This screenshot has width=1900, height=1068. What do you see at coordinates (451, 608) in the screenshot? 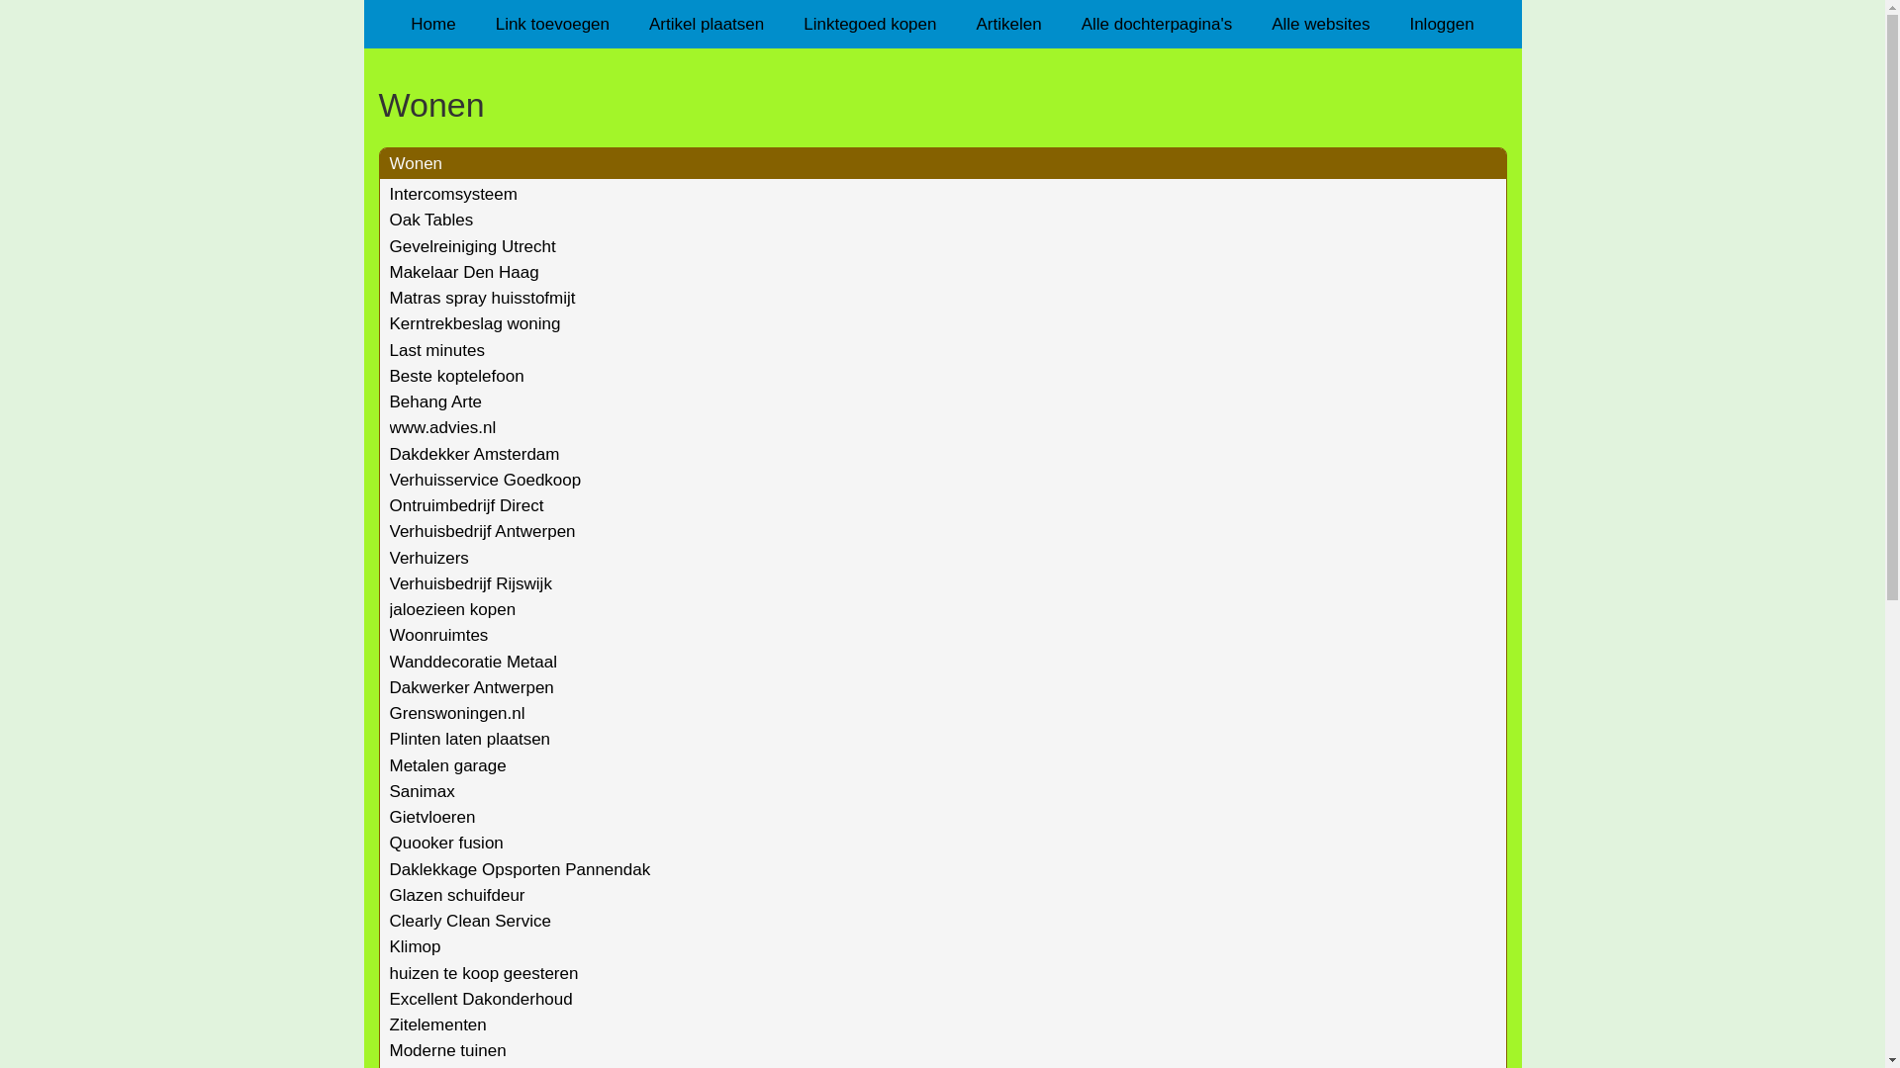
I see `'jaloezieen kopen'` at bounding box center [451, 608].